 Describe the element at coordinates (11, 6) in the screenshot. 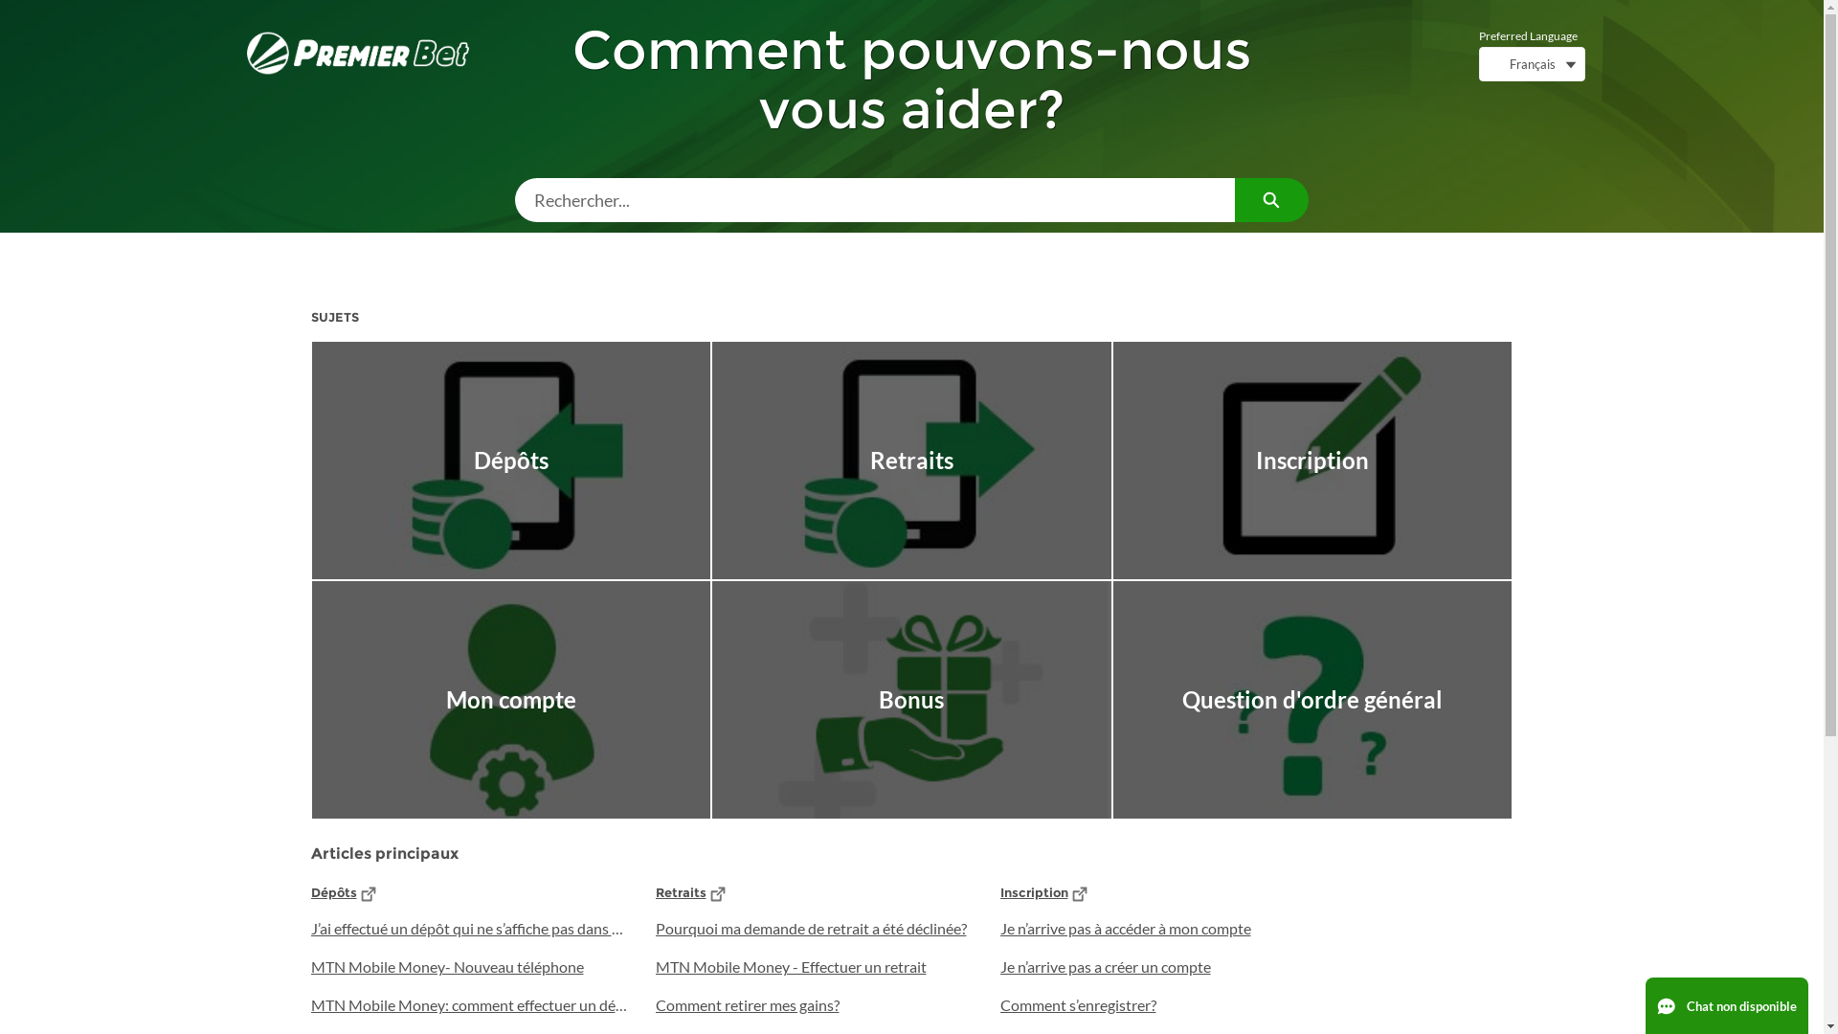

I see `'Aller au contenu principal'` at that location.